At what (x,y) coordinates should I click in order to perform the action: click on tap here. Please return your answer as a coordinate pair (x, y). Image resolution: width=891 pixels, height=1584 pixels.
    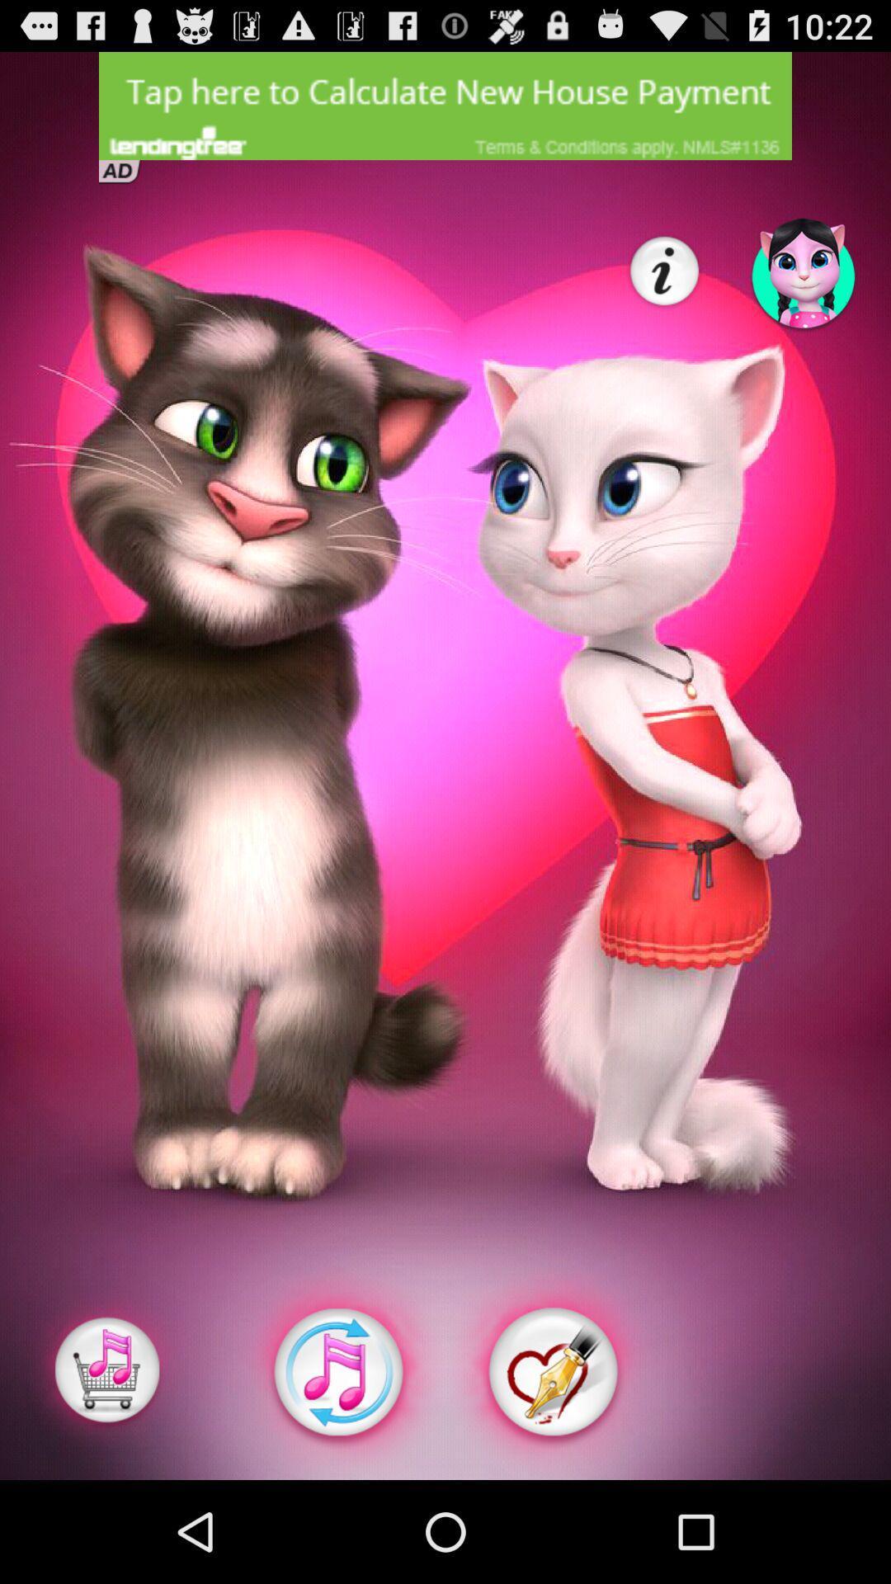
    Looking at the image, I should click on (445, 105).